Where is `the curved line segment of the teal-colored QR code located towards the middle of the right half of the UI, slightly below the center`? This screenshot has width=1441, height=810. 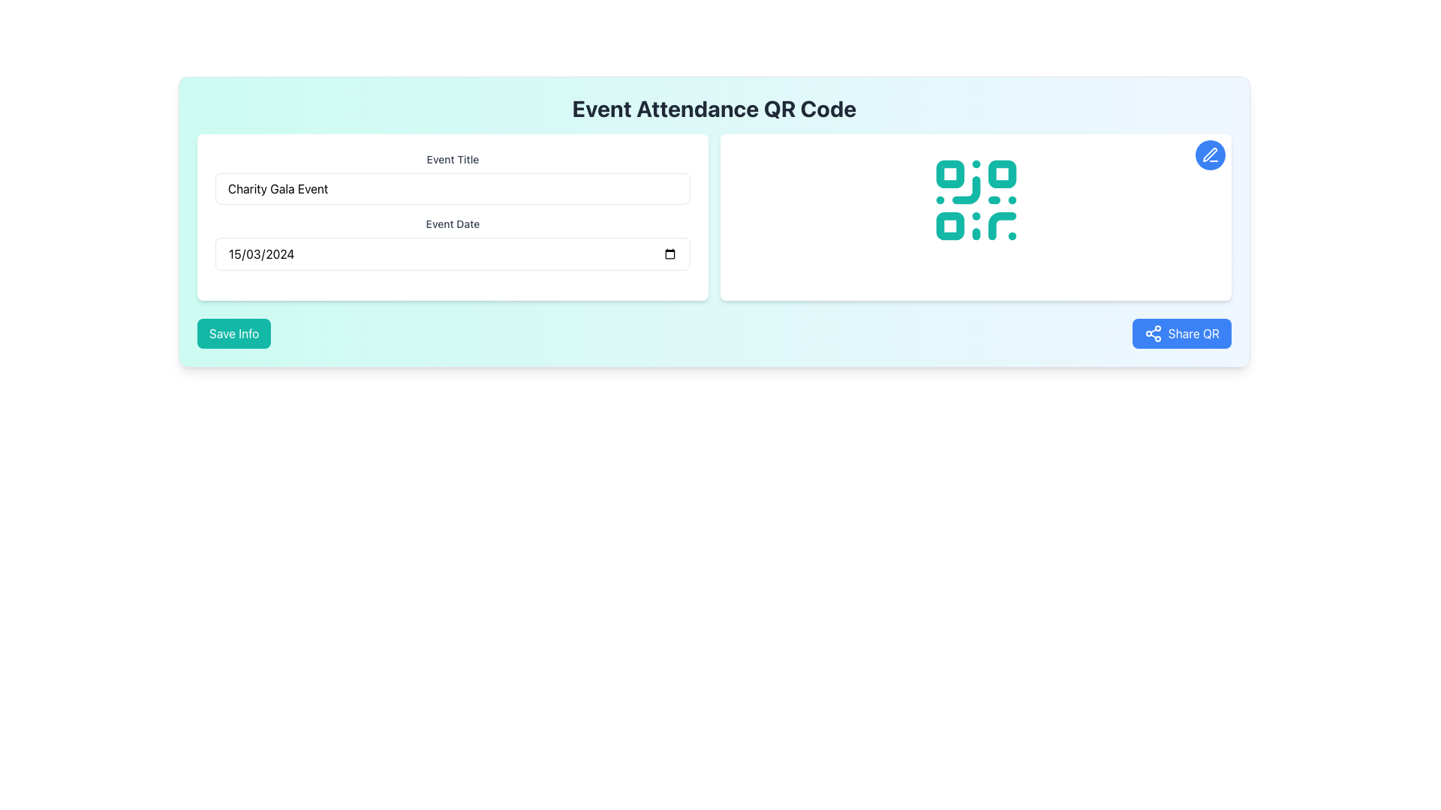
the curved line segment of the teal-colored QR code located towards the middle of the right half of the UI, slightly below the center is located at coordinates (966, 189).